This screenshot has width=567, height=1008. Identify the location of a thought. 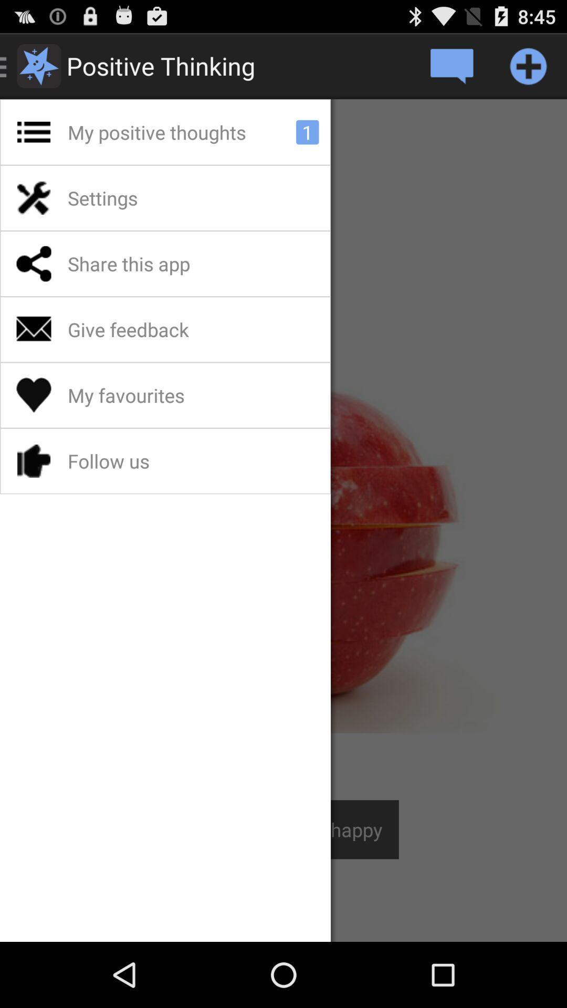
(528, 65).